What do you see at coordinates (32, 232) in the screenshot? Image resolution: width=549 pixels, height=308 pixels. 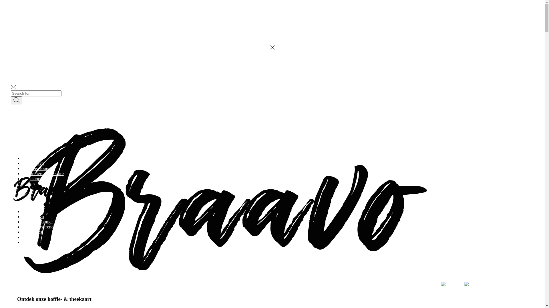 I see `'workshops'` at bounding box center [32, 232].